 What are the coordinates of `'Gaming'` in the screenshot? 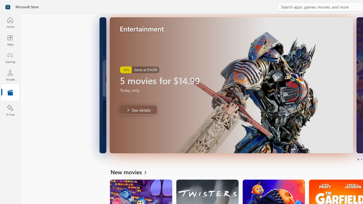 It's located at (10, 58).